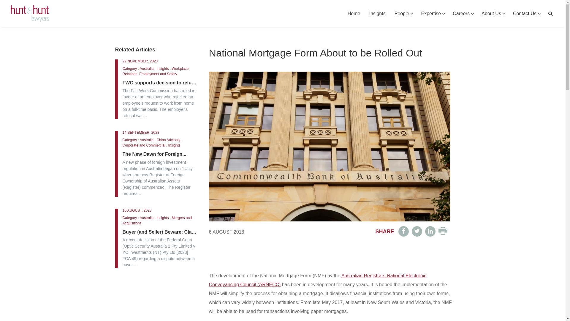 The height and width of the screenshot is (321, 570). What do you see at coordinates (0, 0) in the screenshot?
I see `'Skip to primary navigation'` at bounding box center [0, 0].